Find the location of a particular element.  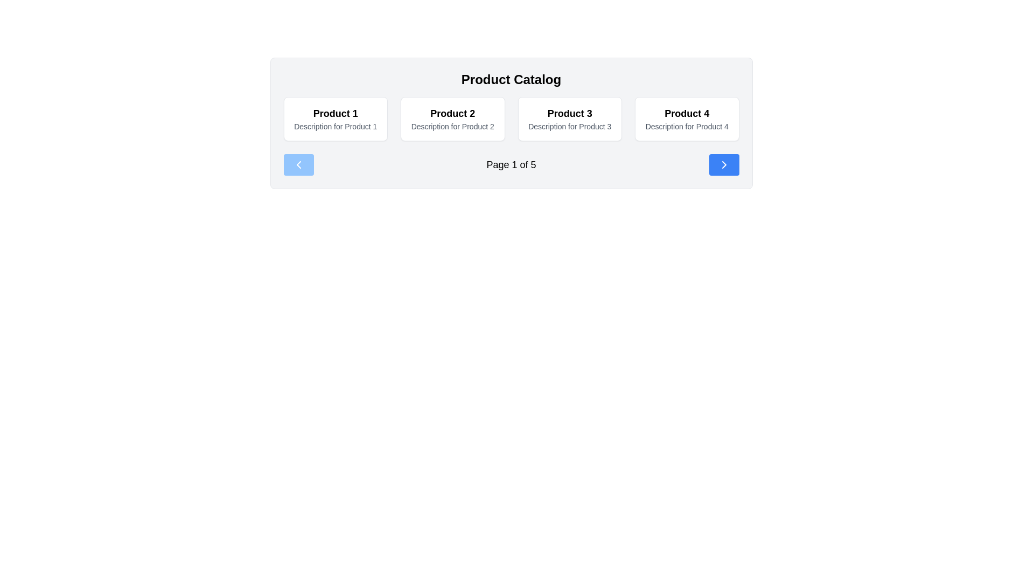

the Display Card is located at coordinates (686, 119).